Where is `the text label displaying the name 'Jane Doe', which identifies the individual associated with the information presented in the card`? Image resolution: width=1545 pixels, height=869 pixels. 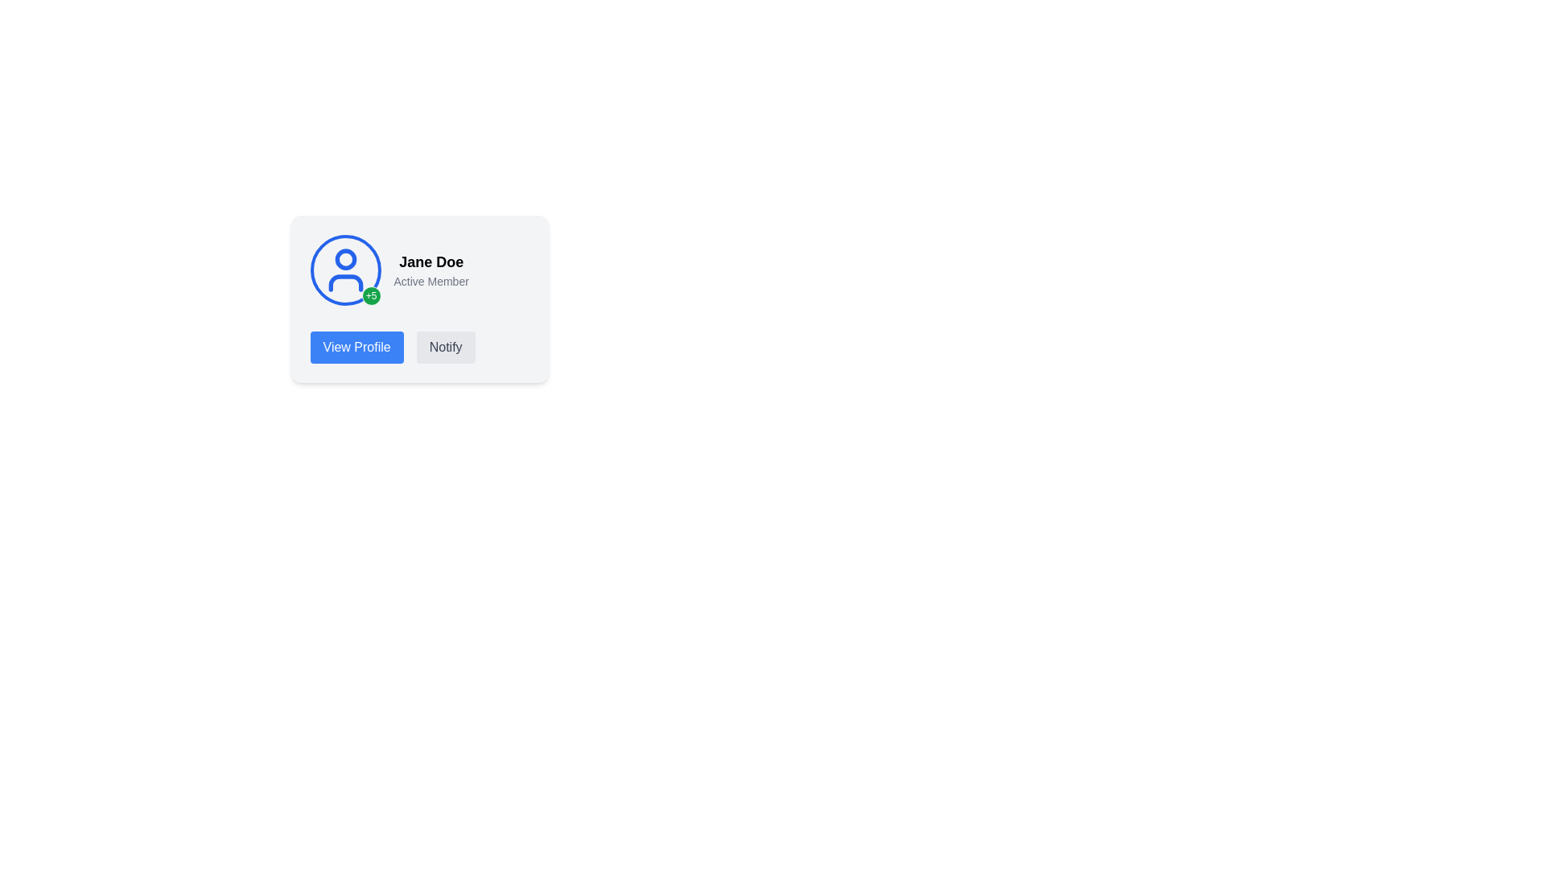 the text label displaying the name 'Jane Doe', which identifies the individual associated with the information presented in the card is located at coordinates (431, 262).